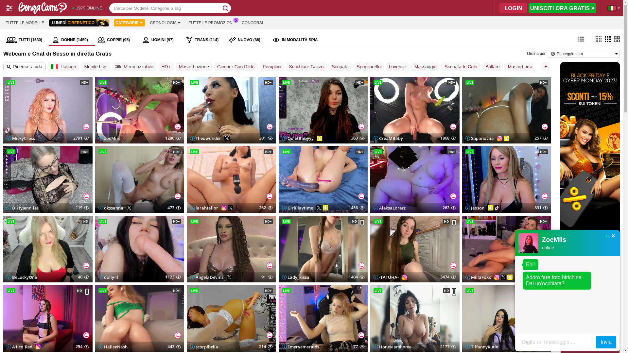 This screenshot has height=353, width=628. I want to click on 'Spogliarello', so click(369, 67).